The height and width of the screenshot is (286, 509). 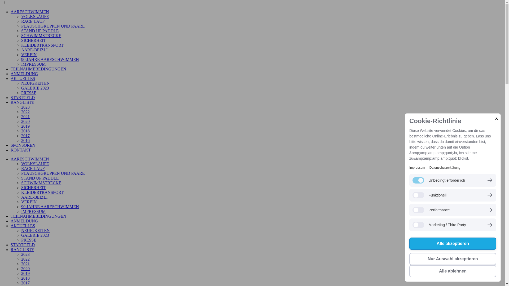 I want to click on '2020', so click(x=25, y=269).